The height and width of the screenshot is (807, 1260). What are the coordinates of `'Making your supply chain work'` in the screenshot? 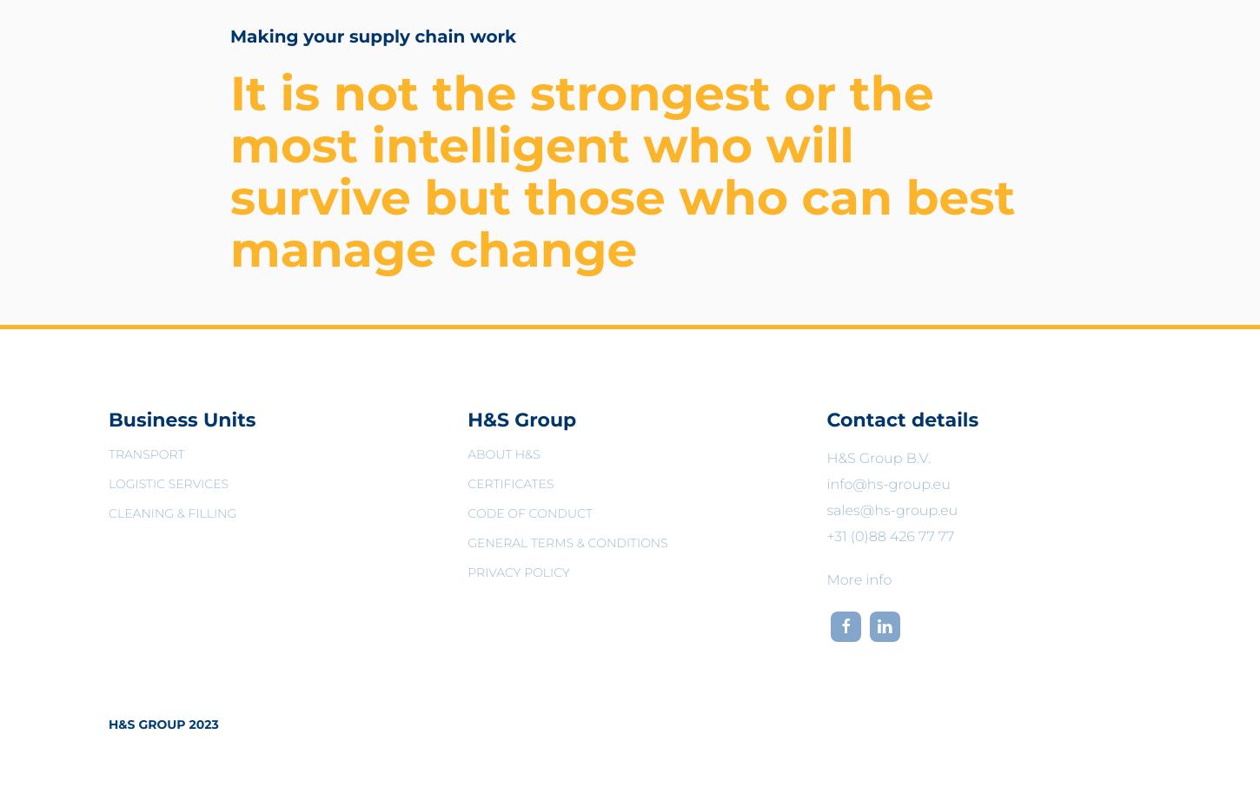 It's located at (372, 35).